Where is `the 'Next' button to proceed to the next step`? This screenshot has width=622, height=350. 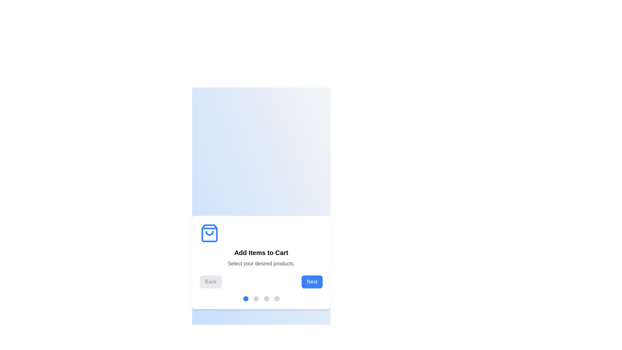 the 'Next' button to proceed to the next step is located at coordinates (312, 282).